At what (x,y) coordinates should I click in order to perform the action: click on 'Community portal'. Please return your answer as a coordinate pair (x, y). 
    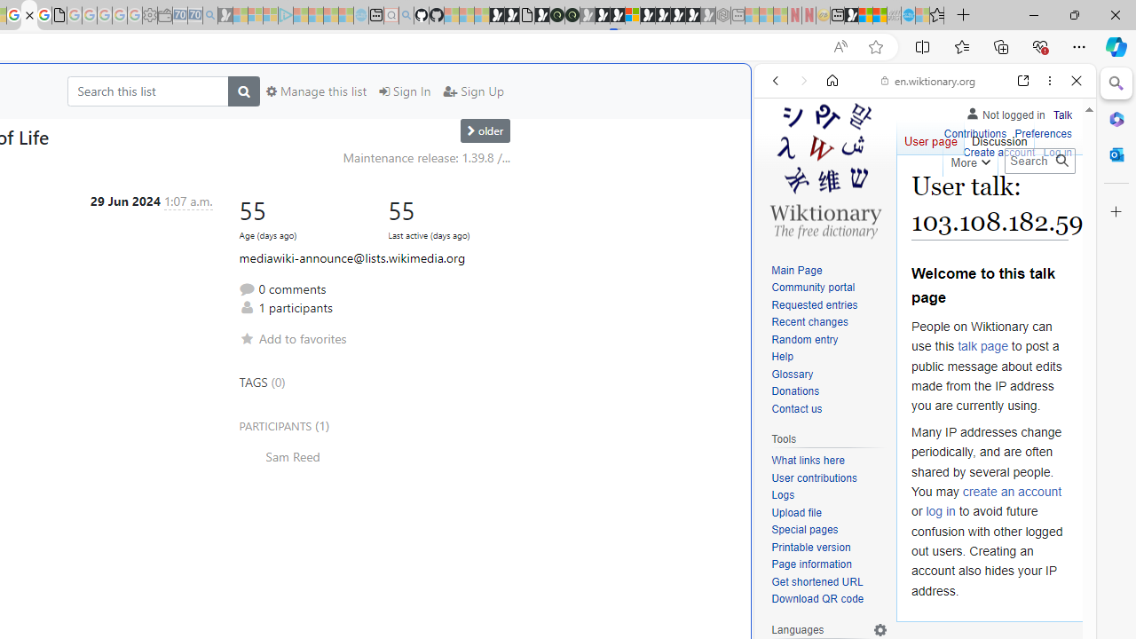
    Looking at the image, I should click on (812, 287).